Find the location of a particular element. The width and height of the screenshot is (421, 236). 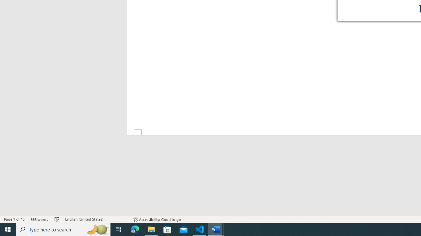

'Type here to search' is located at coordinates (63, 229).